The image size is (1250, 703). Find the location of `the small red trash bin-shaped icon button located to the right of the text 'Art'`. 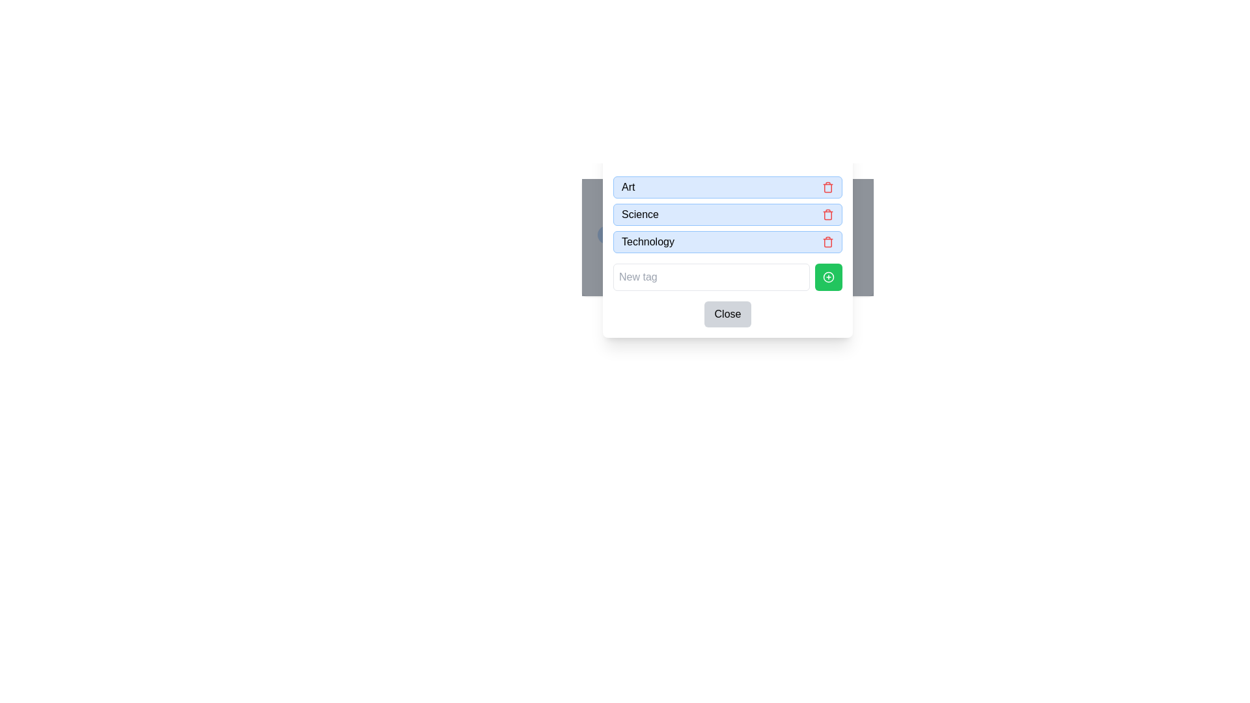

the small red trash bin-shaped icon button located to the right of the text 'Art' is located at coordinates (827, 187).